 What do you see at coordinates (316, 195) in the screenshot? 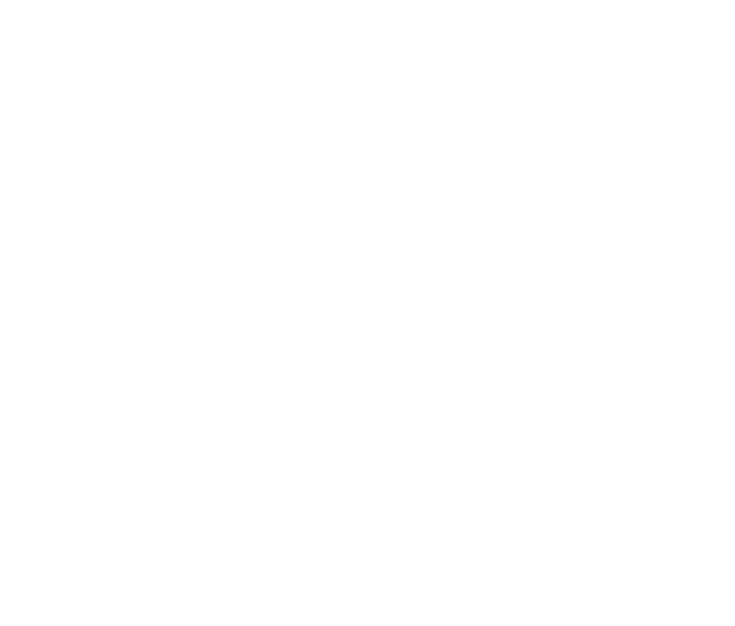
I see `'“We chose the dBTechnologies ViO Series for this event for a variety of reasons, but primarily because it's reliable, rider-ready, easy to deploy, and sounds great.”'` at bounding box center [316, 195].